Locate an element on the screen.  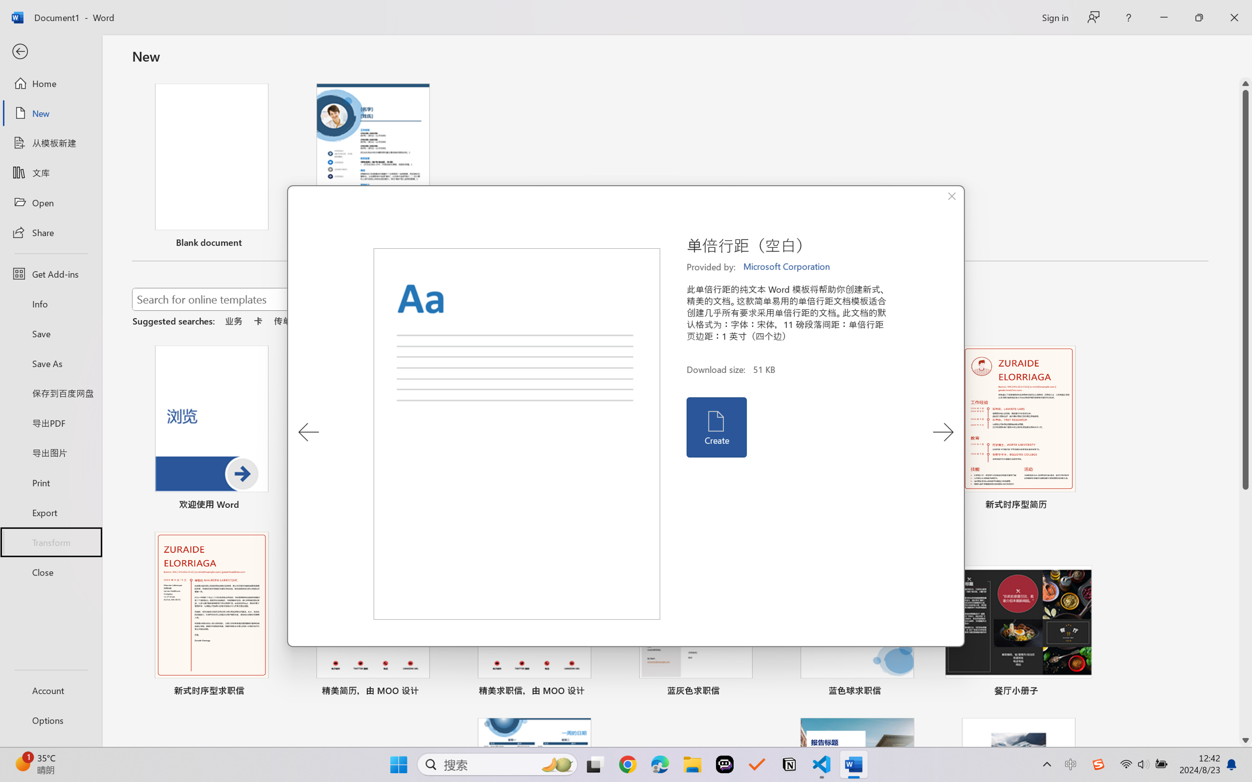
'Create' is located at coordinates (716, 427).